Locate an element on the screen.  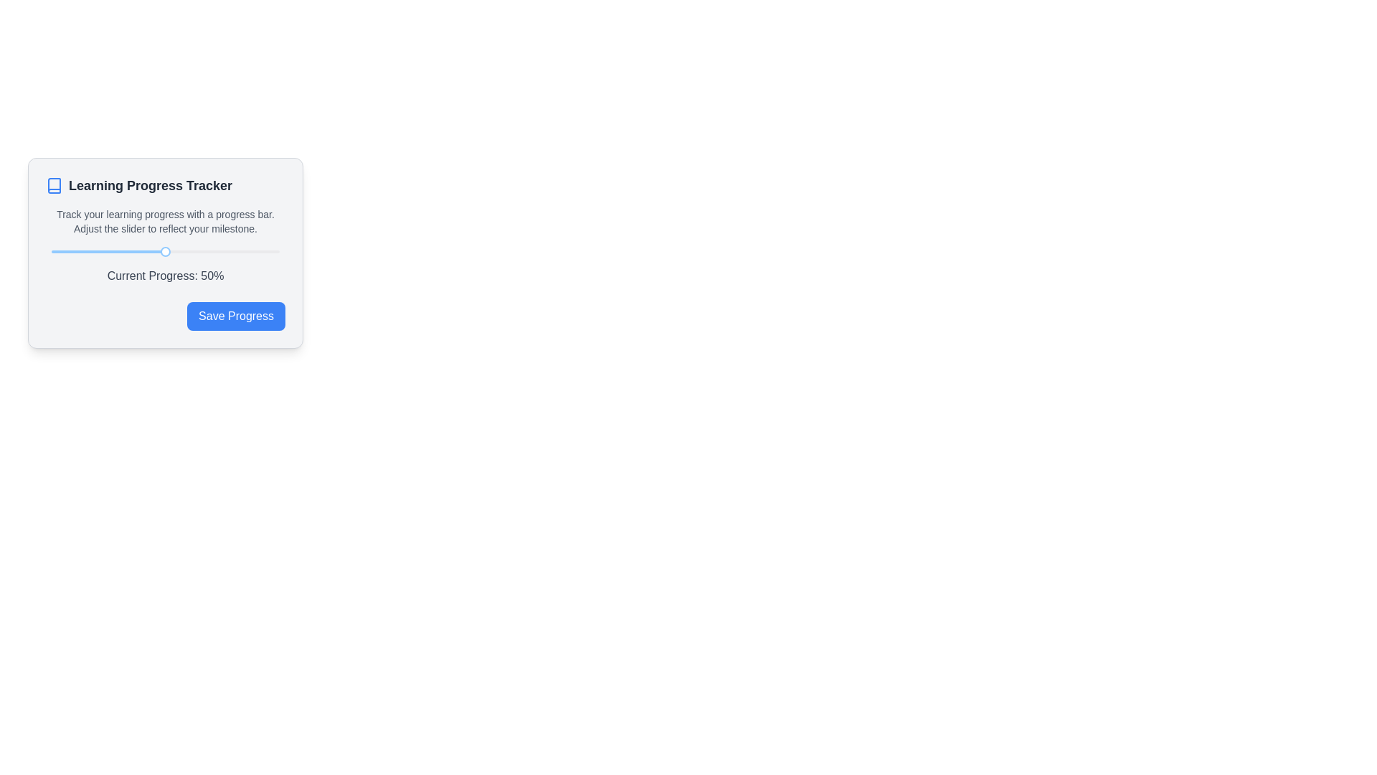
the slider value is located at coordinates (156, 251).